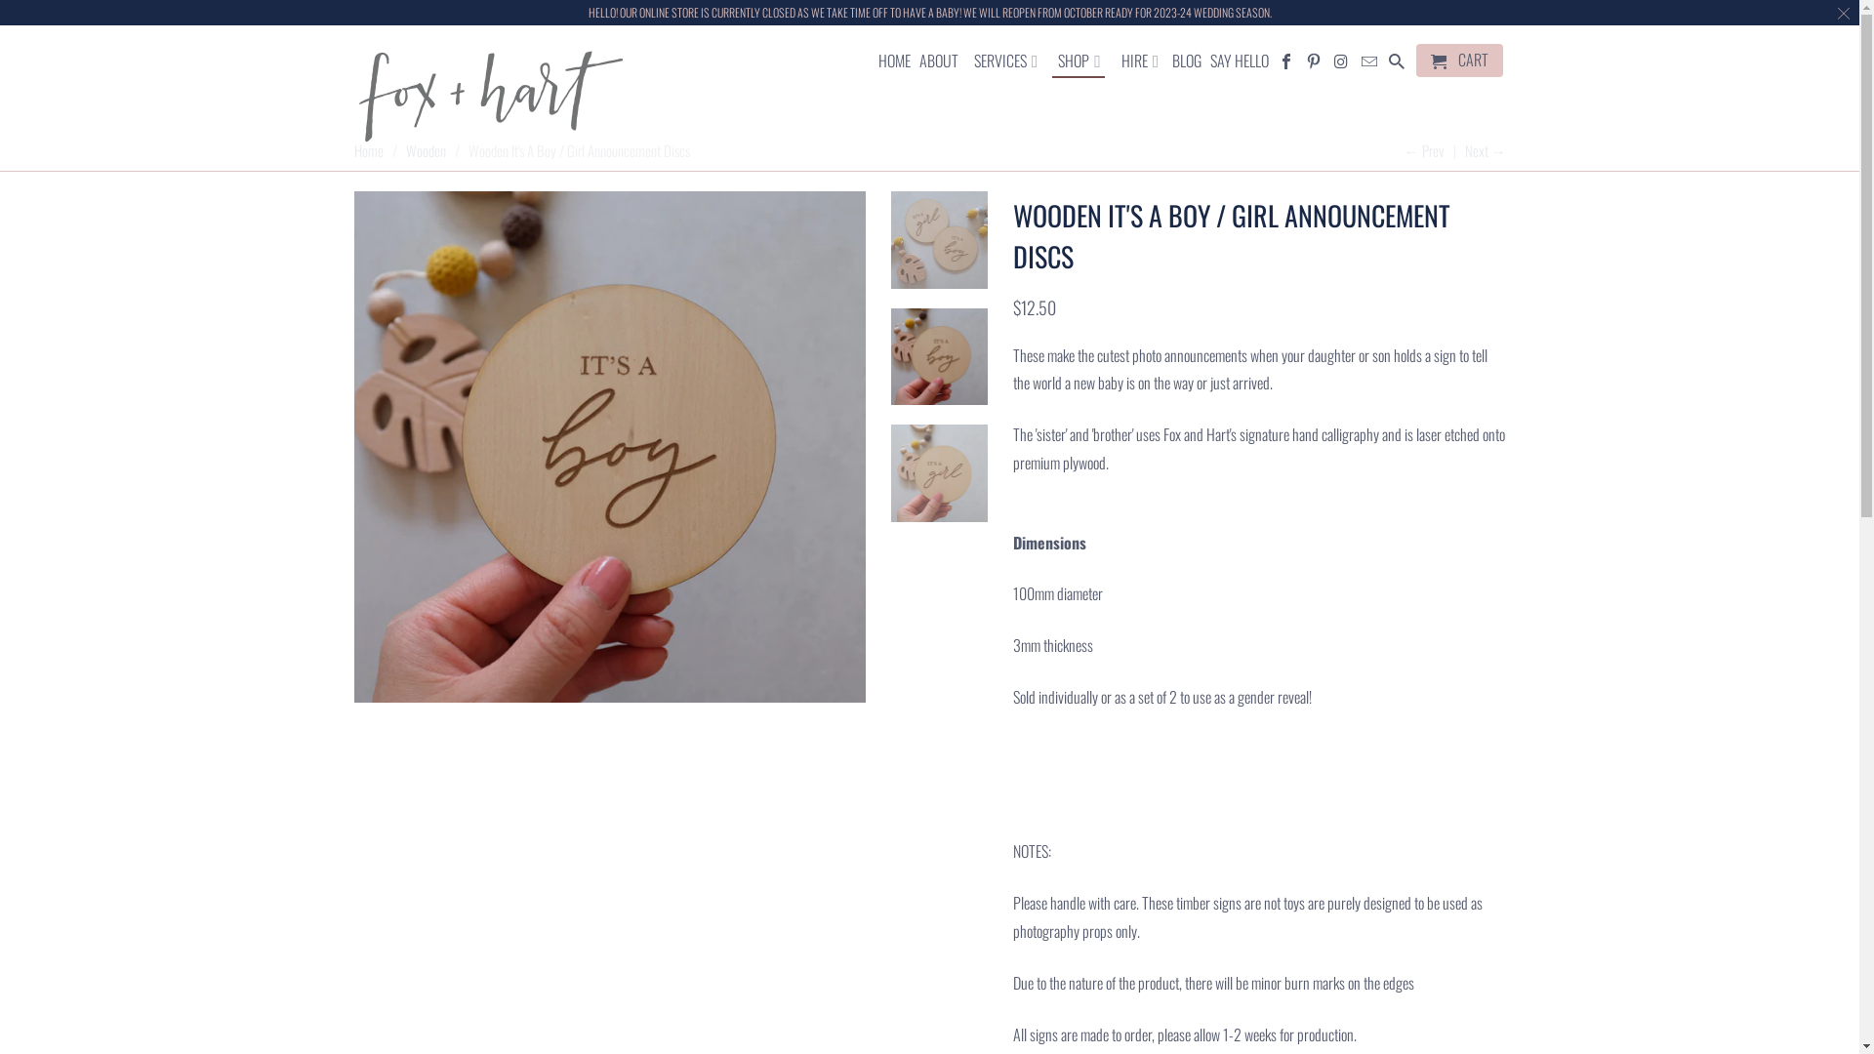 This screenshot has height=1054, width=1874. What do you see at coordinates (1341, 62) in the screenshot?
I see `'Fox and Hart on Instagram'` at bounding box center [1341, 62].